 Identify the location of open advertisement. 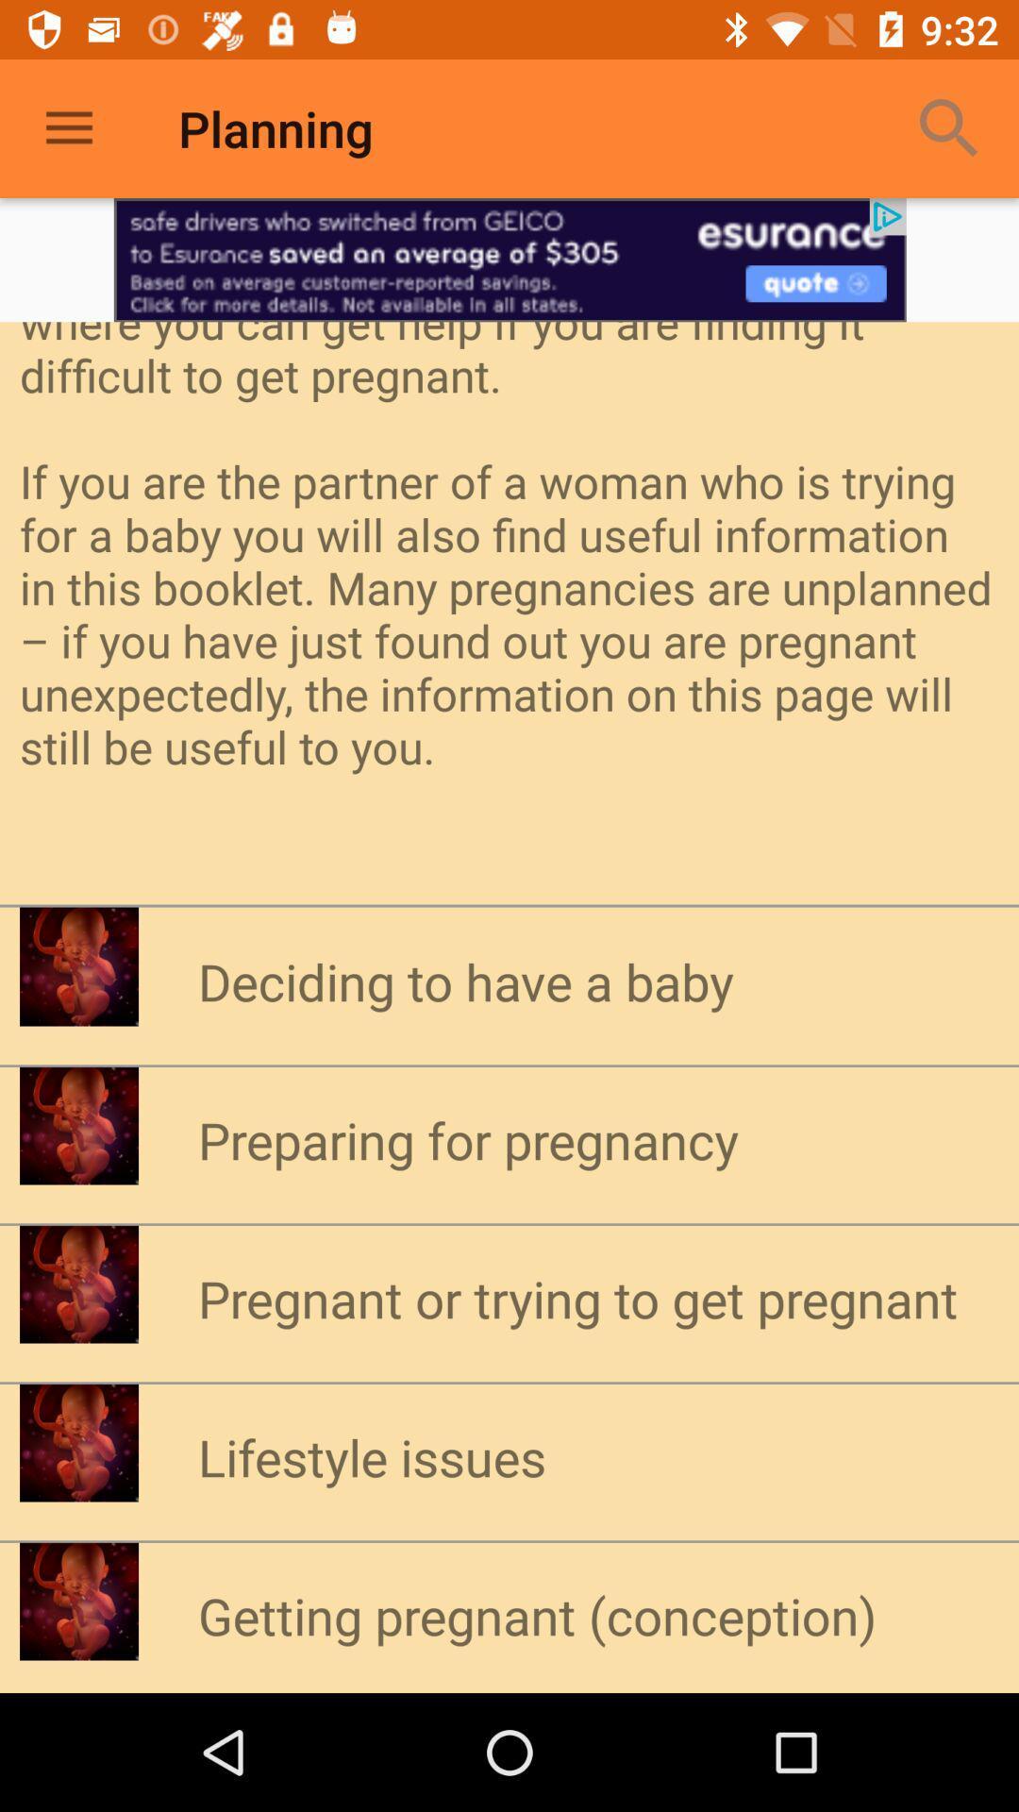
(509, 259).